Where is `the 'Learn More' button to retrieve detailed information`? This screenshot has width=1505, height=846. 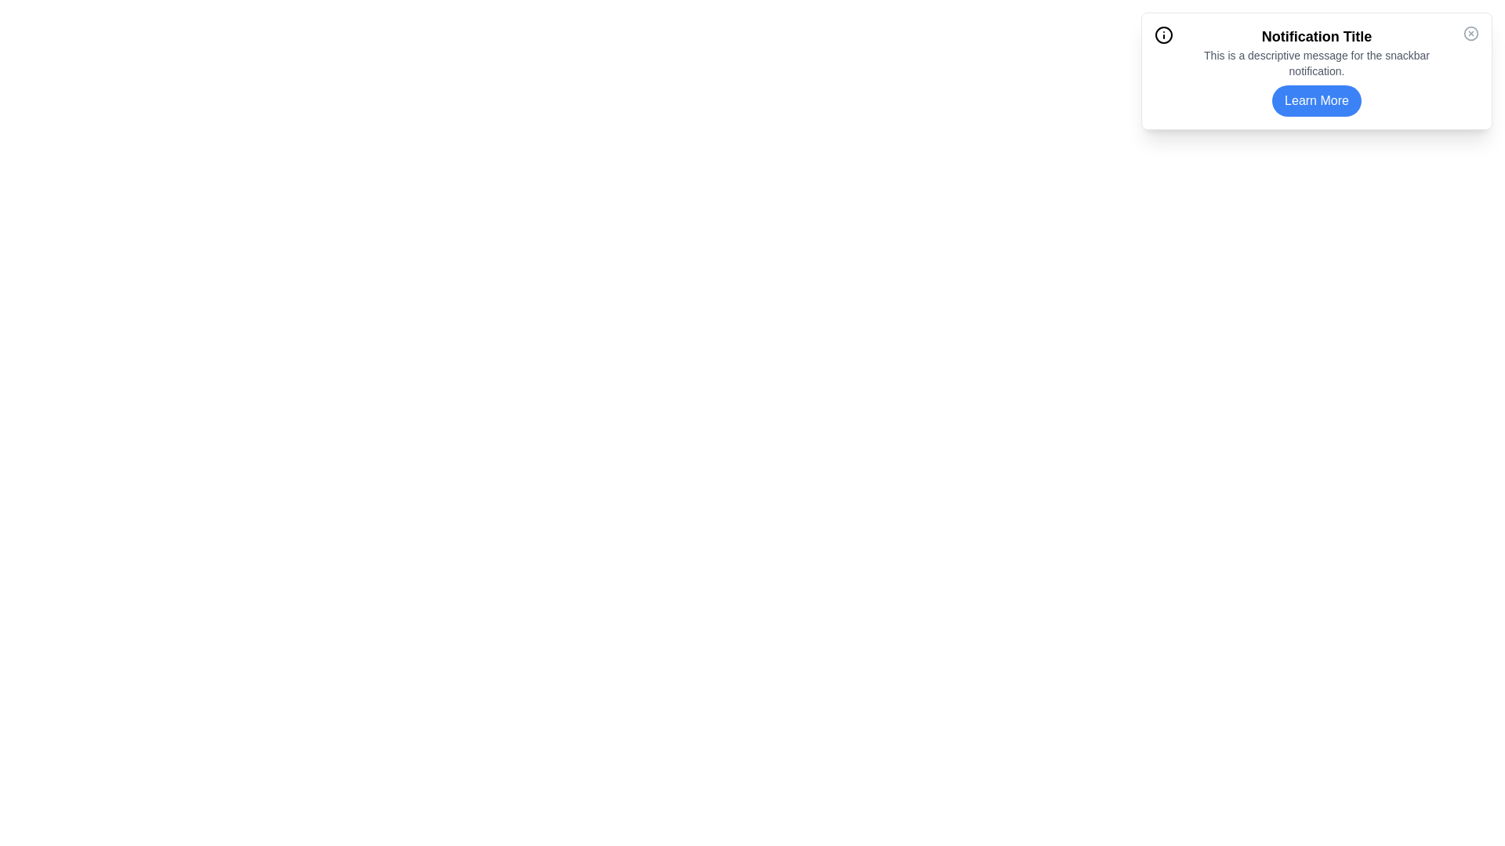
the 'Learn More' button to retrieve detailed information is located at coordinates (1317, 100).